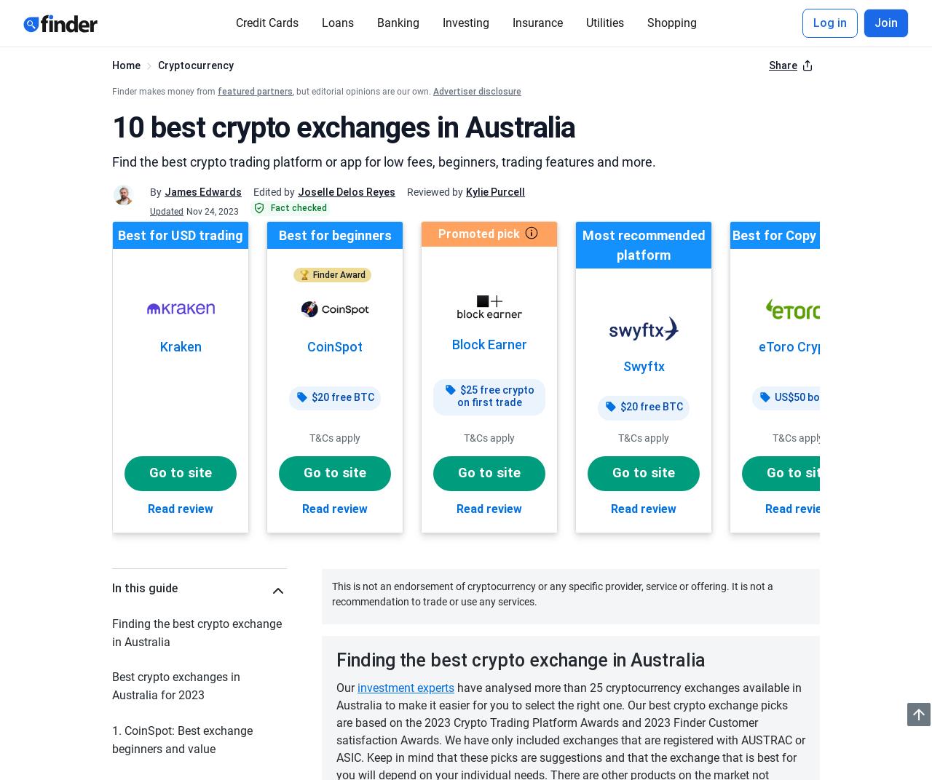 This screenshot has width=932, height=780. I want to click on '$25 free crypto on first trade', so click(494, 394).